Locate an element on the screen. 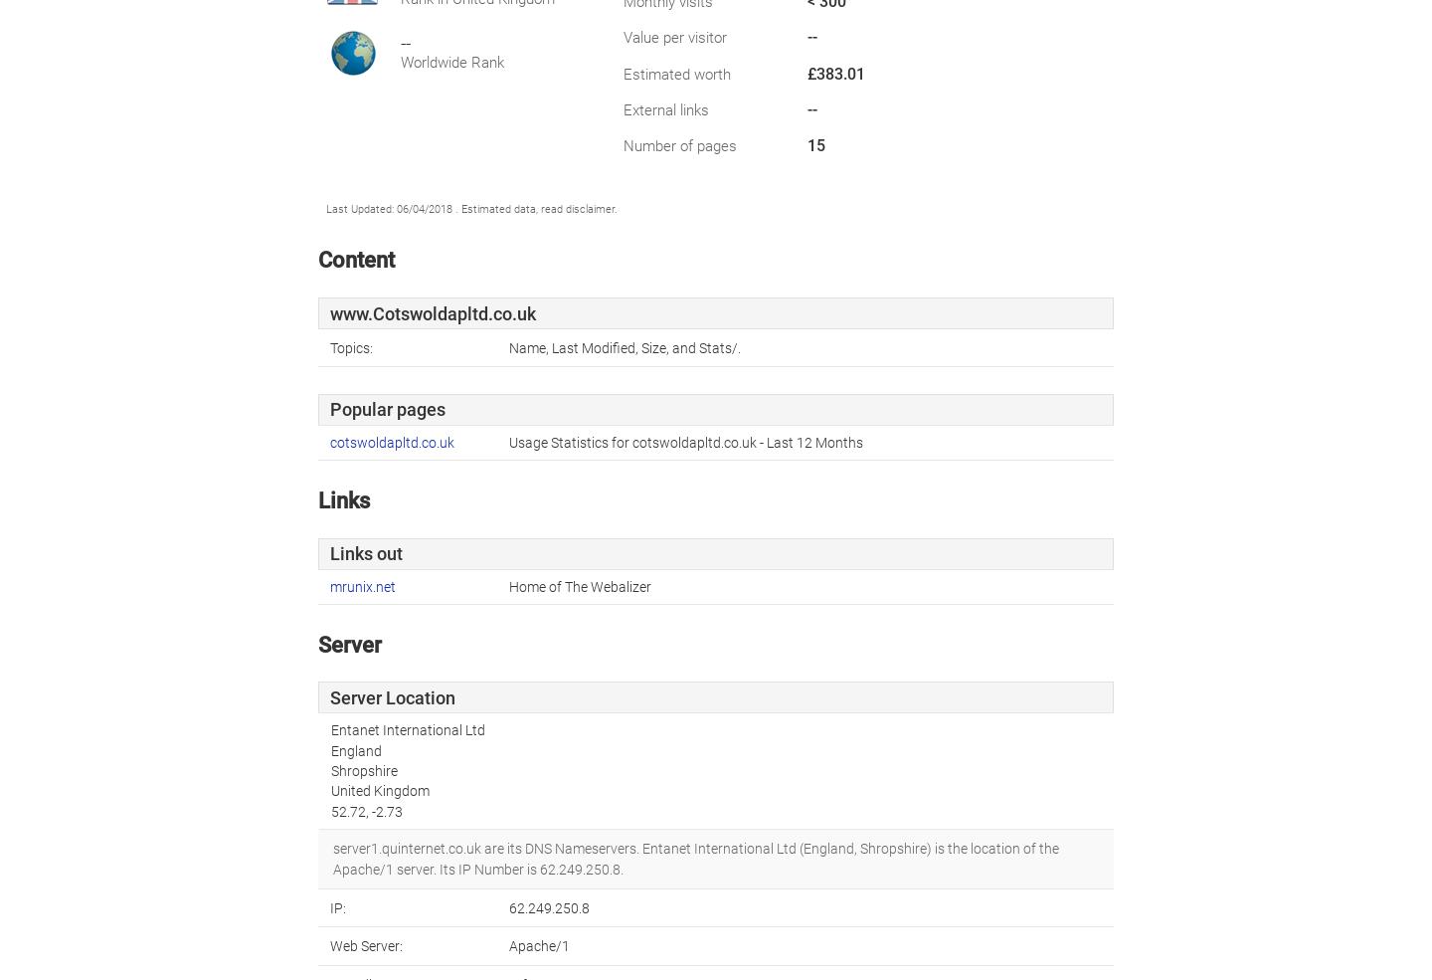  'Value per visitor' is located at coordinates (622, 37).